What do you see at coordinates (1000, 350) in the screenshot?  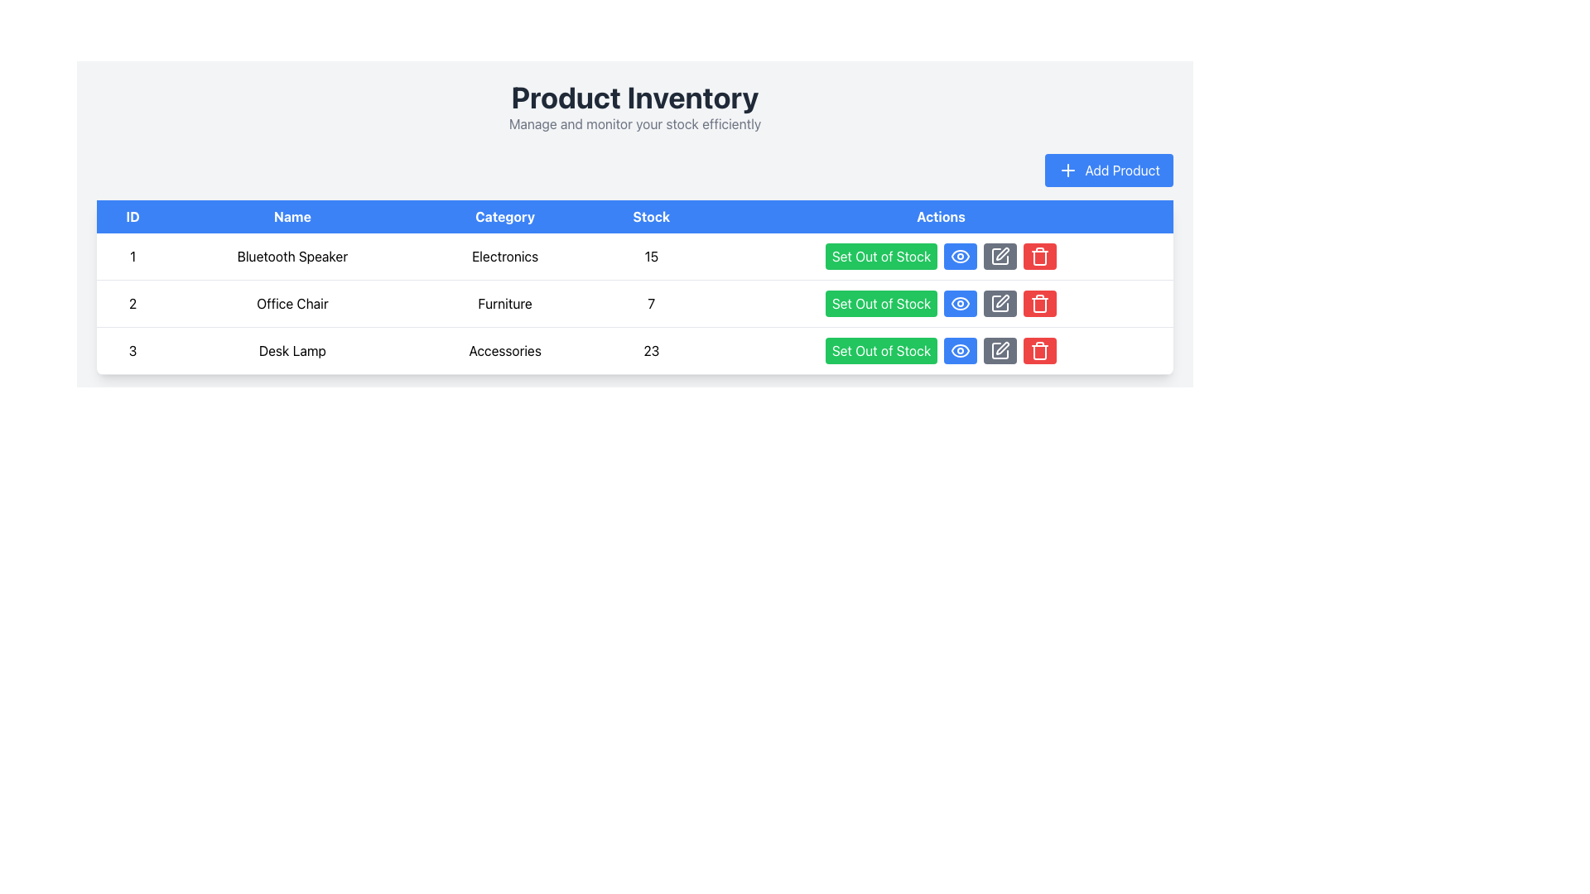 I see `the edit action icon, which is a square outline with rounded corners located in the rightmost column of the third row under the 'Actions' header` at bounding box center [1000, 350].